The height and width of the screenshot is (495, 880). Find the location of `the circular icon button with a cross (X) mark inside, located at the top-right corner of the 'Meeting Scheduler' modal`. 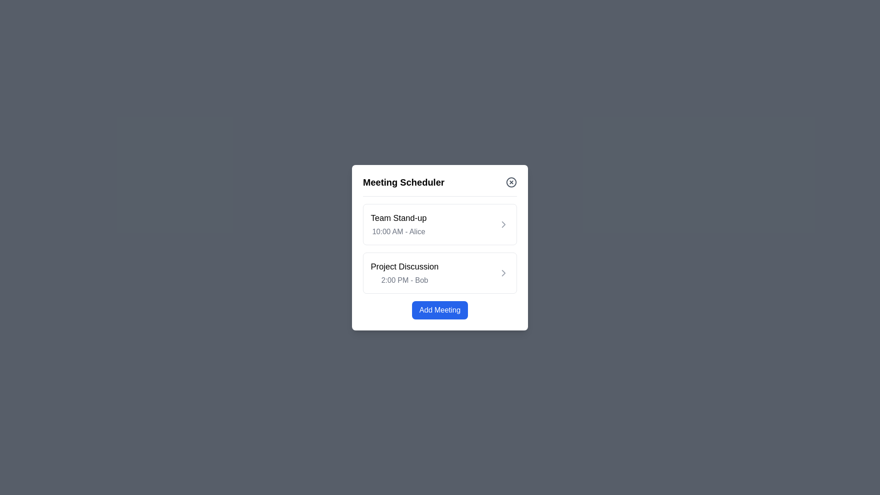

the circular icon button with a cross (X) mark inside, located at the top-right corner of the 'Meeting Scheduler' modal is located at coordinates (511, 182).